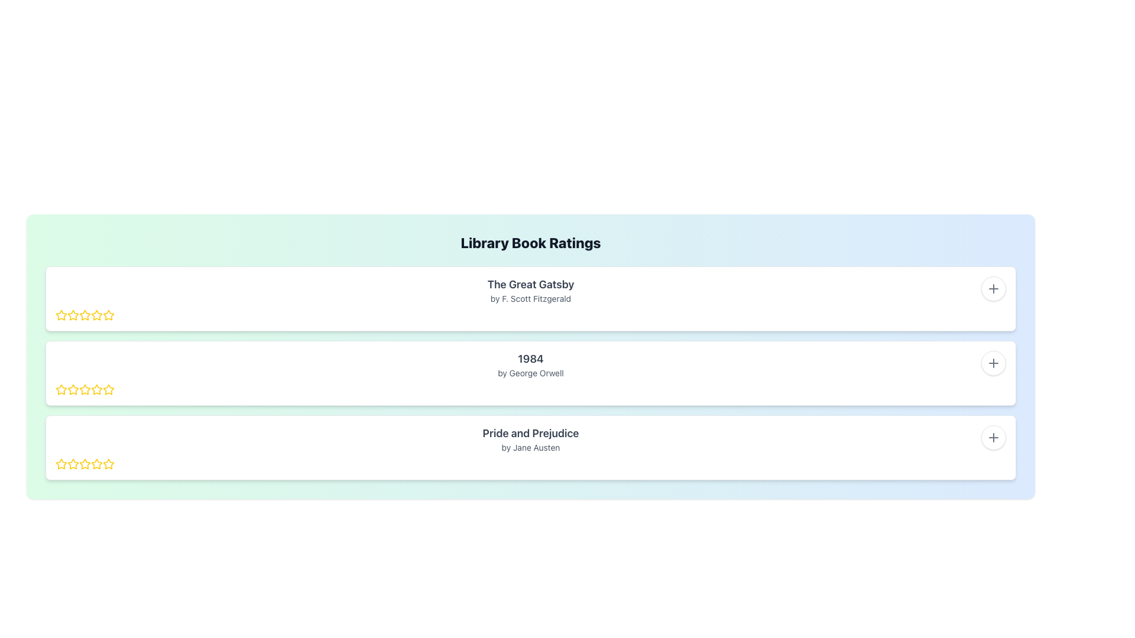 The image size is (1135, 638). What do you see at coordinates (85, 314) in the screenshot?
I see `the third rating star in the five-star scale for the book 'The Great Gatsby' to indicate a rating of three out of five` at bounding box center [85, 314].